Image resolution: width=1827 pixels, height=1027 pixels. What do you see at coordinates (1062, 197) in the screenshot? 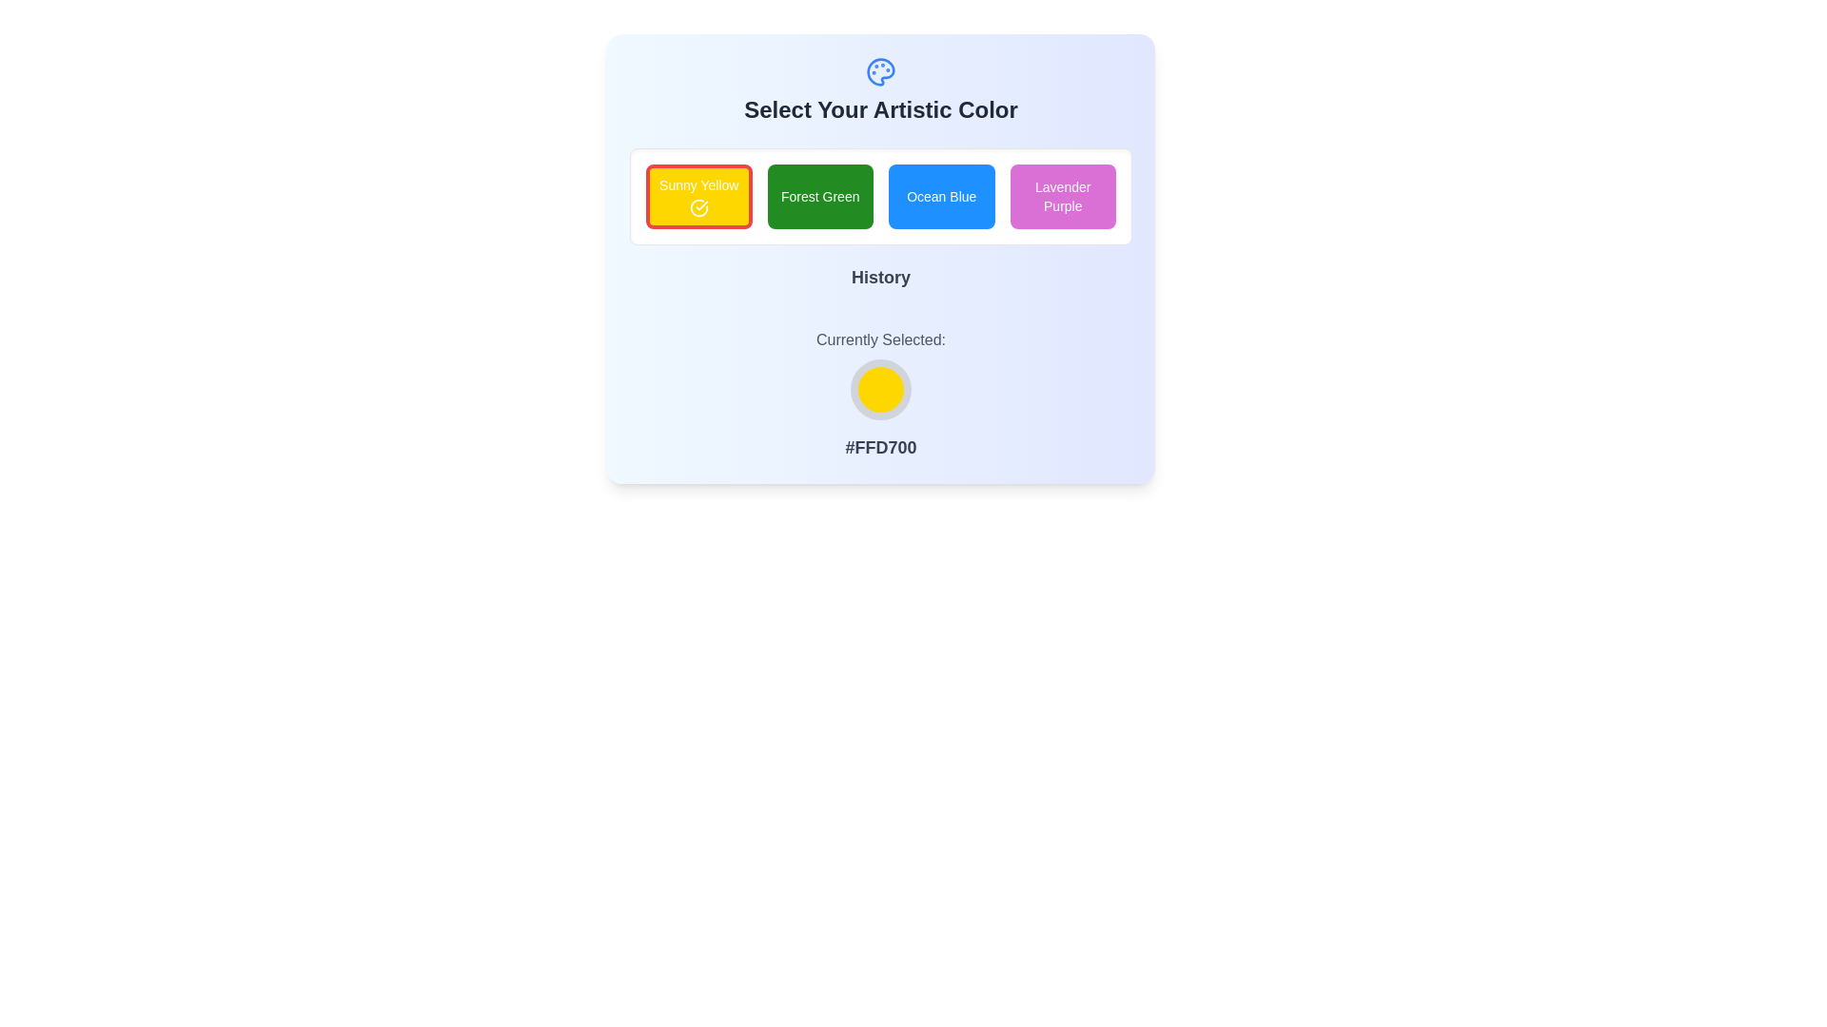
I see `the 'Lavender Purple' color selection button located in the top-right corner of the color chooser interface to trigger visual feedback` at bounding box center [1062, 197].